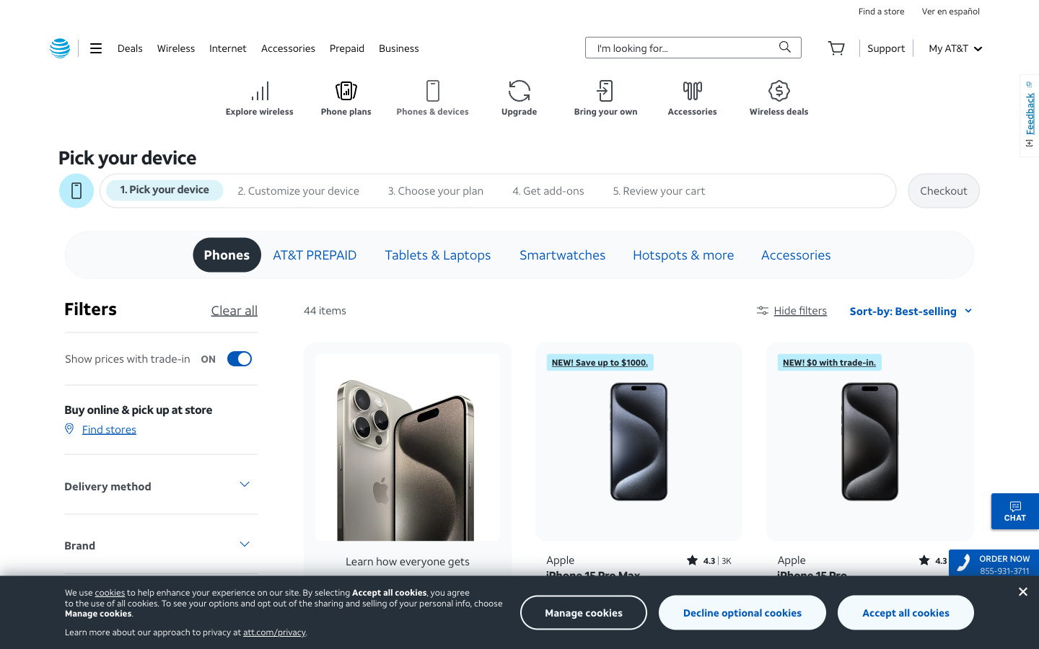 This screenshot has height=649, width=1039. I want to click on Click the button for deals on AT&T wireless, so click(779, 98).